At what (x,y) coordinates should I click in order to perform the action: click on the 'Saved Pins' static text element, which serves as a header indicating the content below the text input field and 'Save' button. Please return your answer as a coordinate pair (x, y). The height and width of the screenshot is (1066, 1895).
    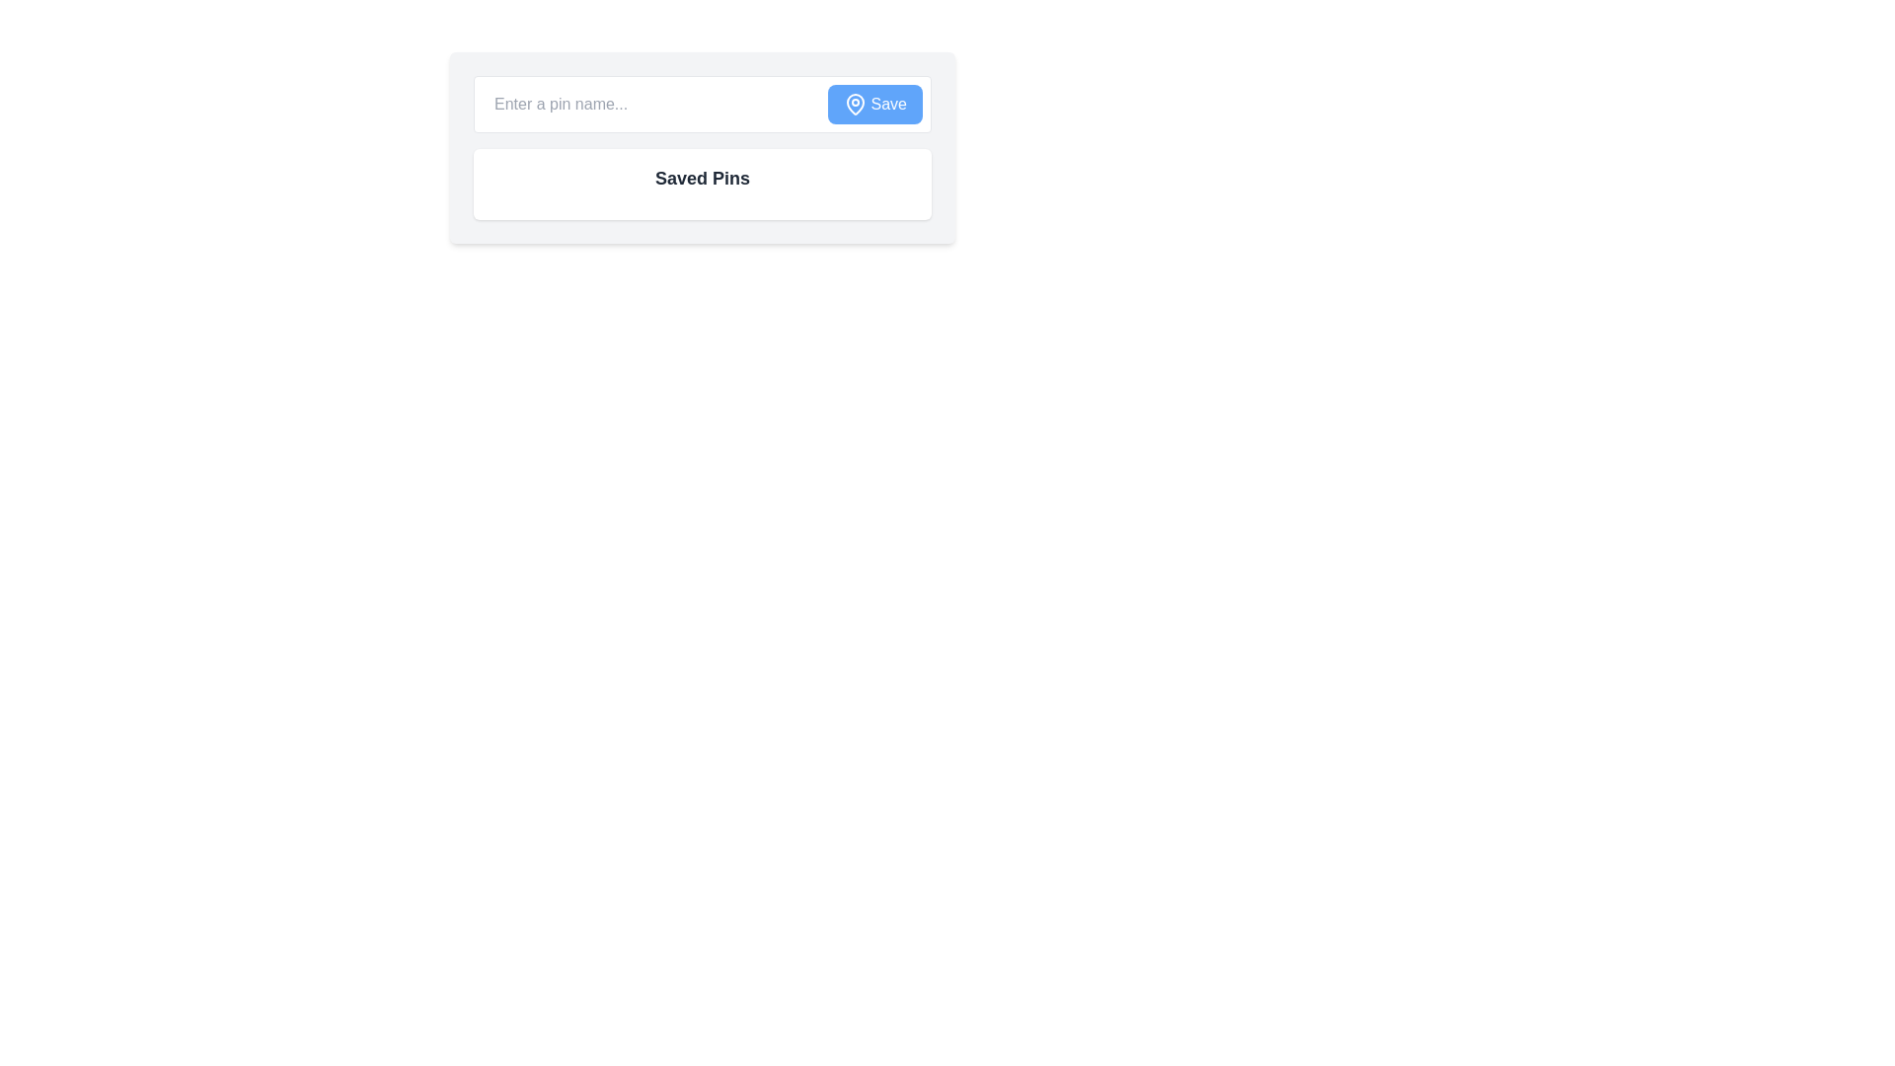
    Looking at the image, I should click on (702, 184).